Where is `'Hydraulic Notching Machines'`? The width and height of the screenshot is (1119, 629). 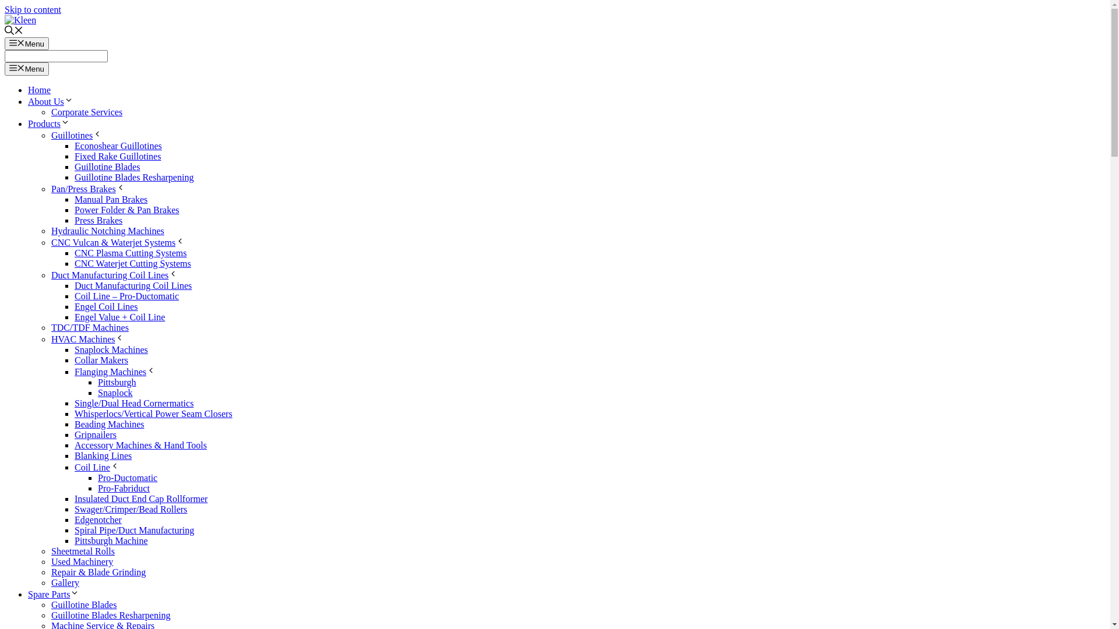 'Hydraulic Notching Machines' is located at coordinates (108, 231).